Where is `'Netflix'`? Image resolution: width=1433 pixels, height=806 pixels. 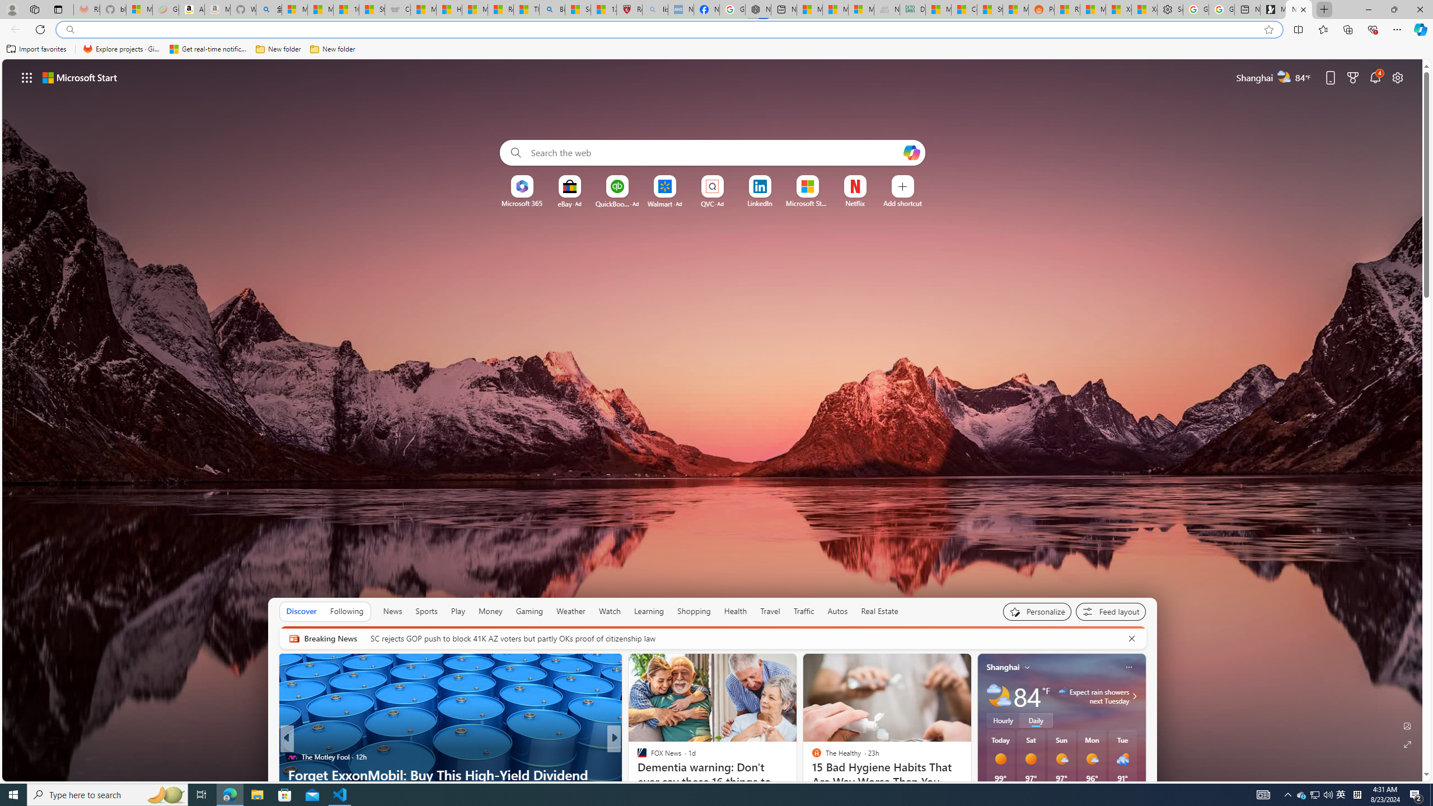 'Netflix' is located at coordinates (855, 203).